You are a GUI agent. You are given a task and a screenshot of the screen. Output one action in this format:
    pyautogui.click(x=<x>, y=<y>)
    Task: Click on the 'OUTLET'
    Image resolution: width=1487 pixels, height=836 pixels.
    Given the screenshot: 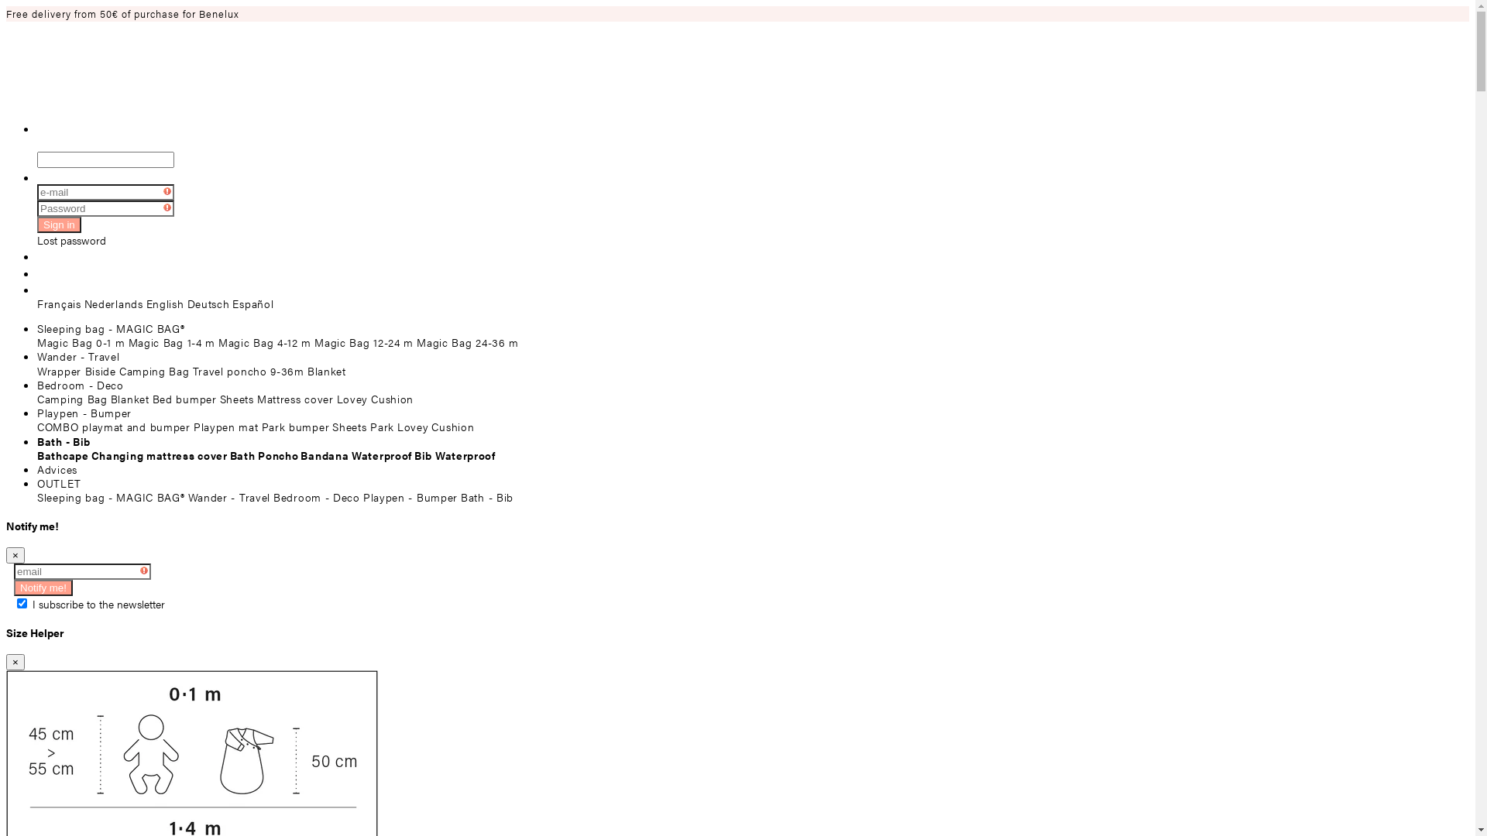 What is the action you would take?
    pyautogui.click(x=59, y=482)
    